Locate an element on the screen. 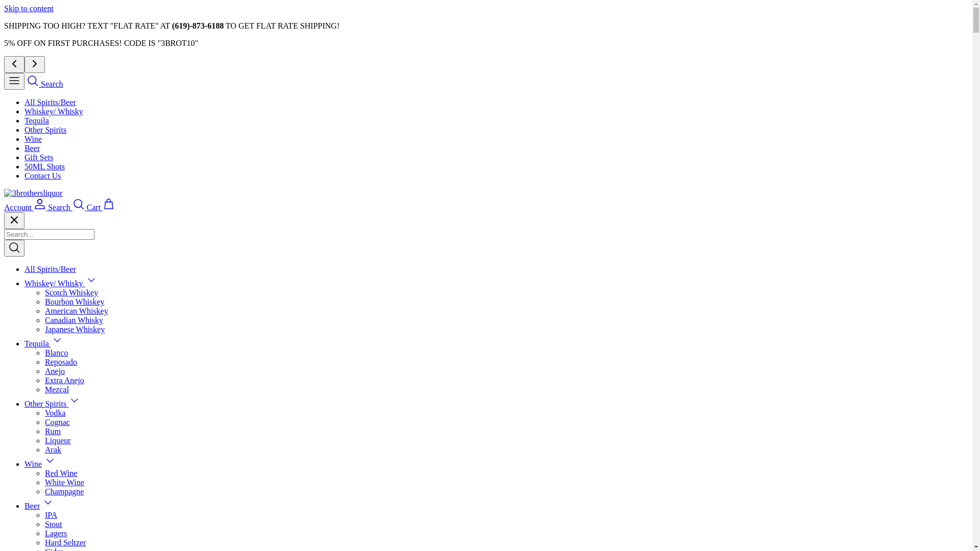 This screenshot has width=980, height=551. '3brothersliquor' is located at coordinates (4, 193).